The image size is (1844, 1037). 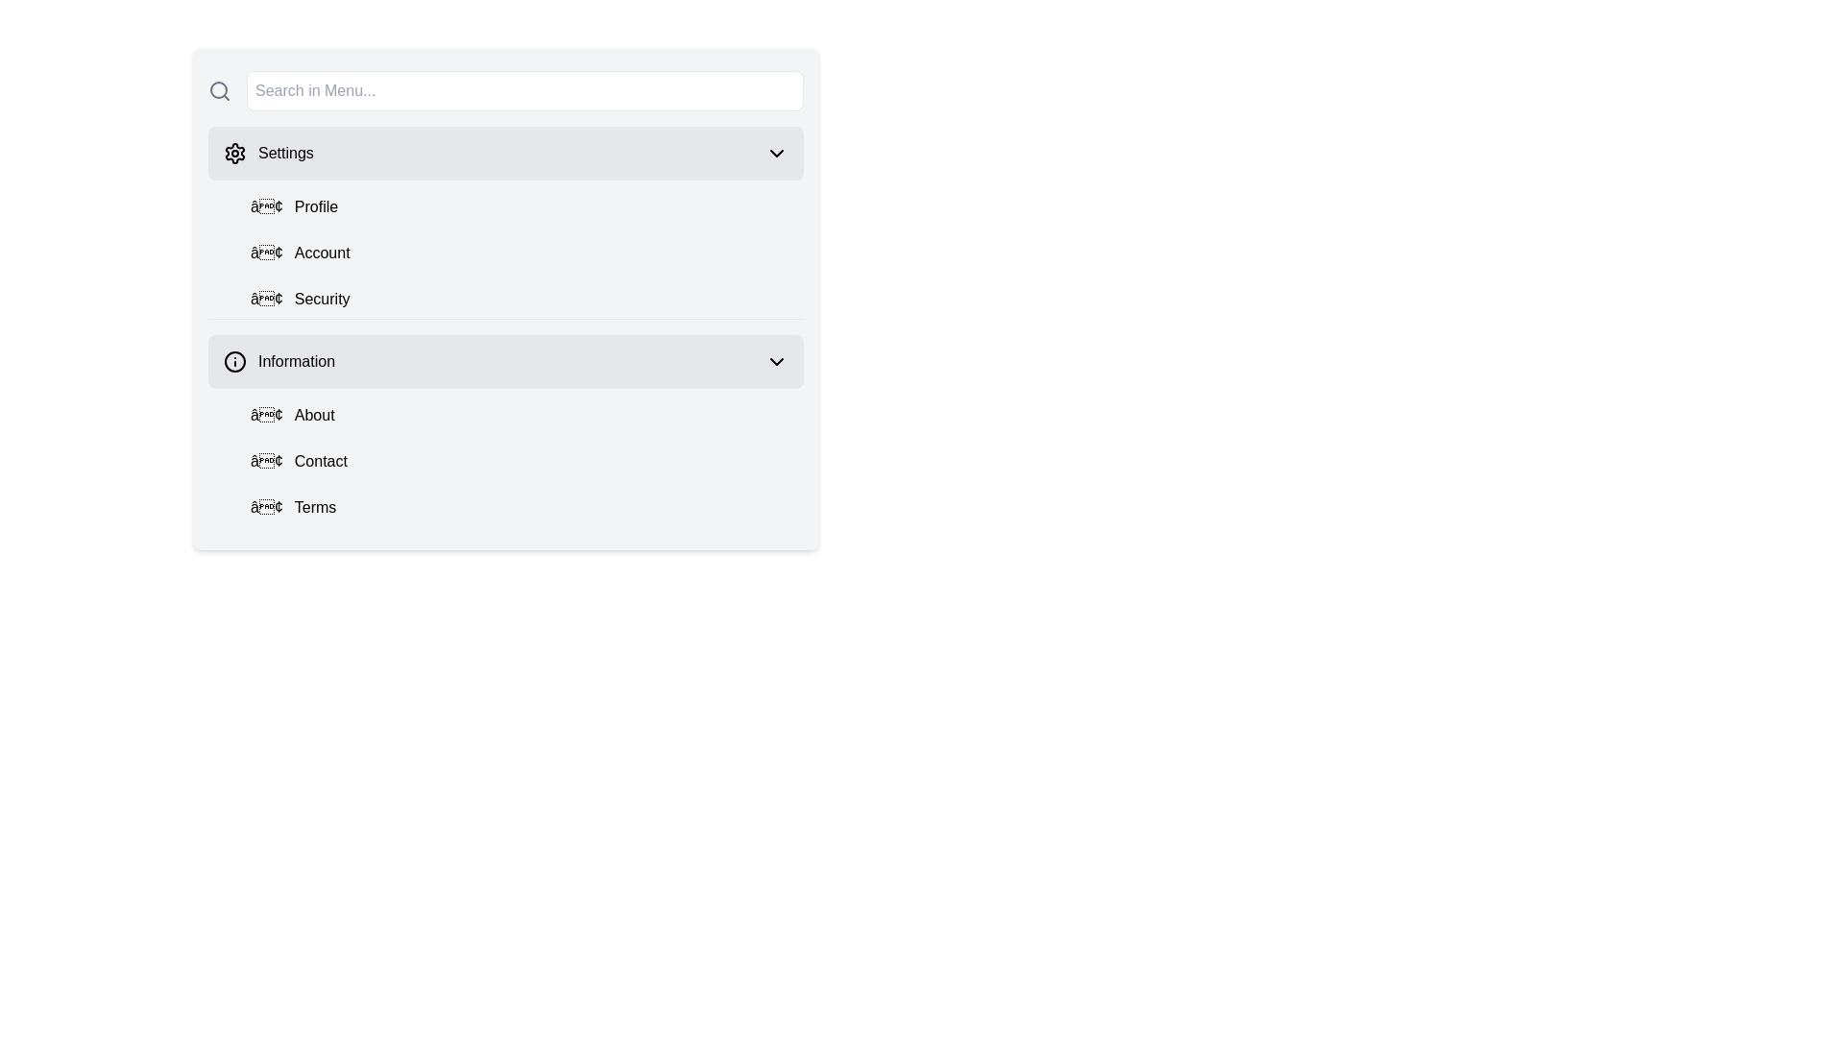 I want to click on the 'Account' text label located in the settings menu, so click(x=322, y=252).